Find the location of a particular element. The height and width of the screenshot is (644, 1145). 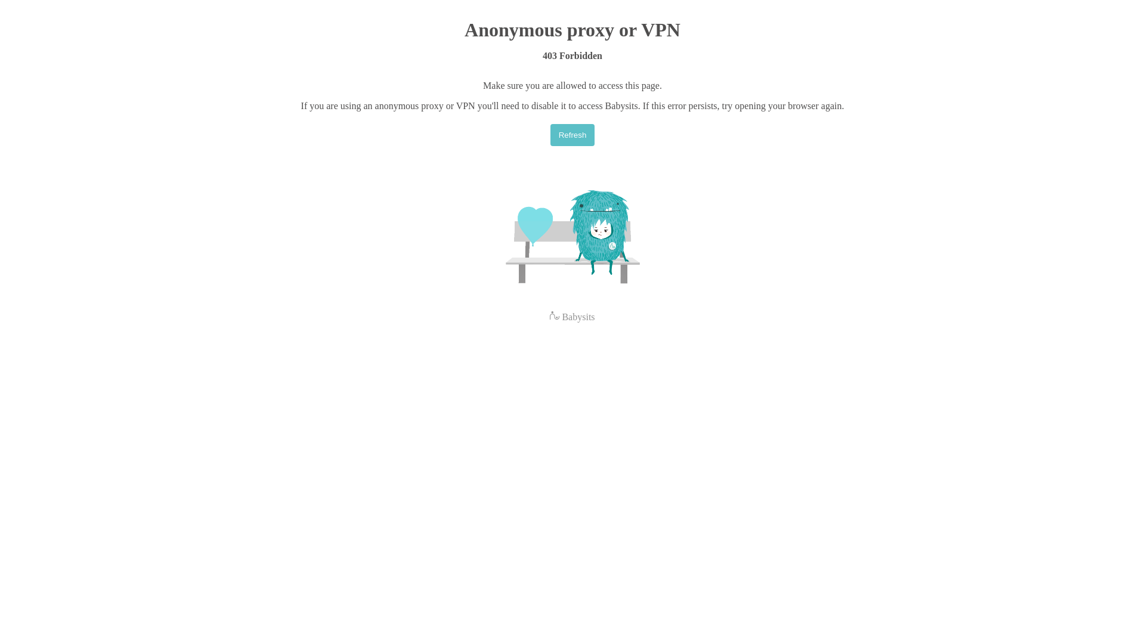

'Refresh' is located at coordinates (572, 134).